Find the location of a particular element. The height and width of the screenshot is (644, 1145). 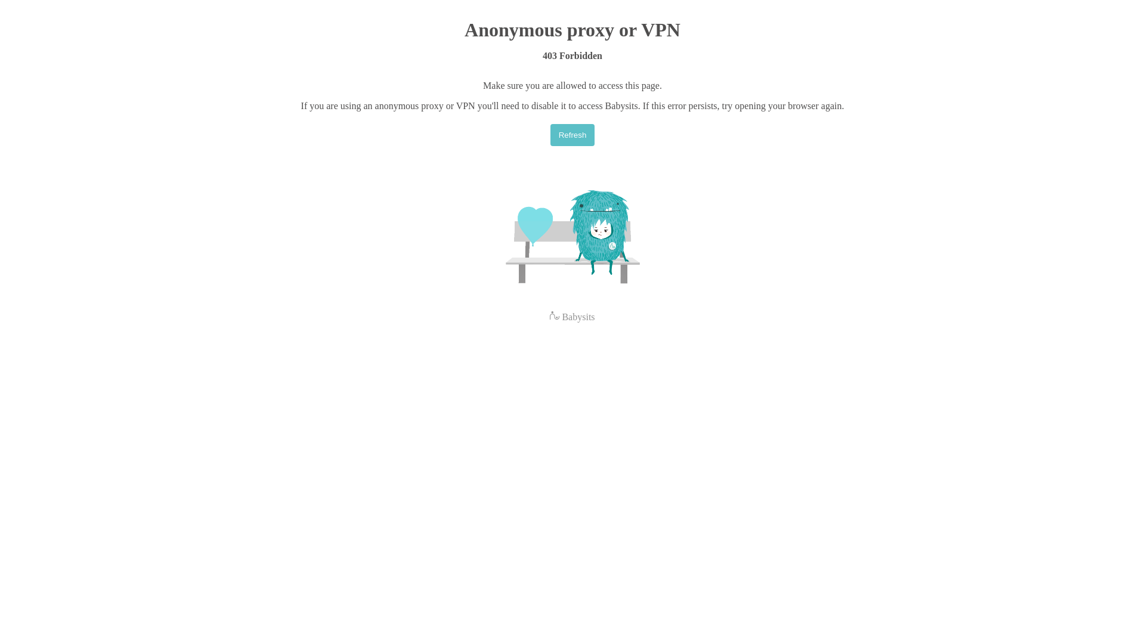

'Refresh' is located at coordinates (572, 134).